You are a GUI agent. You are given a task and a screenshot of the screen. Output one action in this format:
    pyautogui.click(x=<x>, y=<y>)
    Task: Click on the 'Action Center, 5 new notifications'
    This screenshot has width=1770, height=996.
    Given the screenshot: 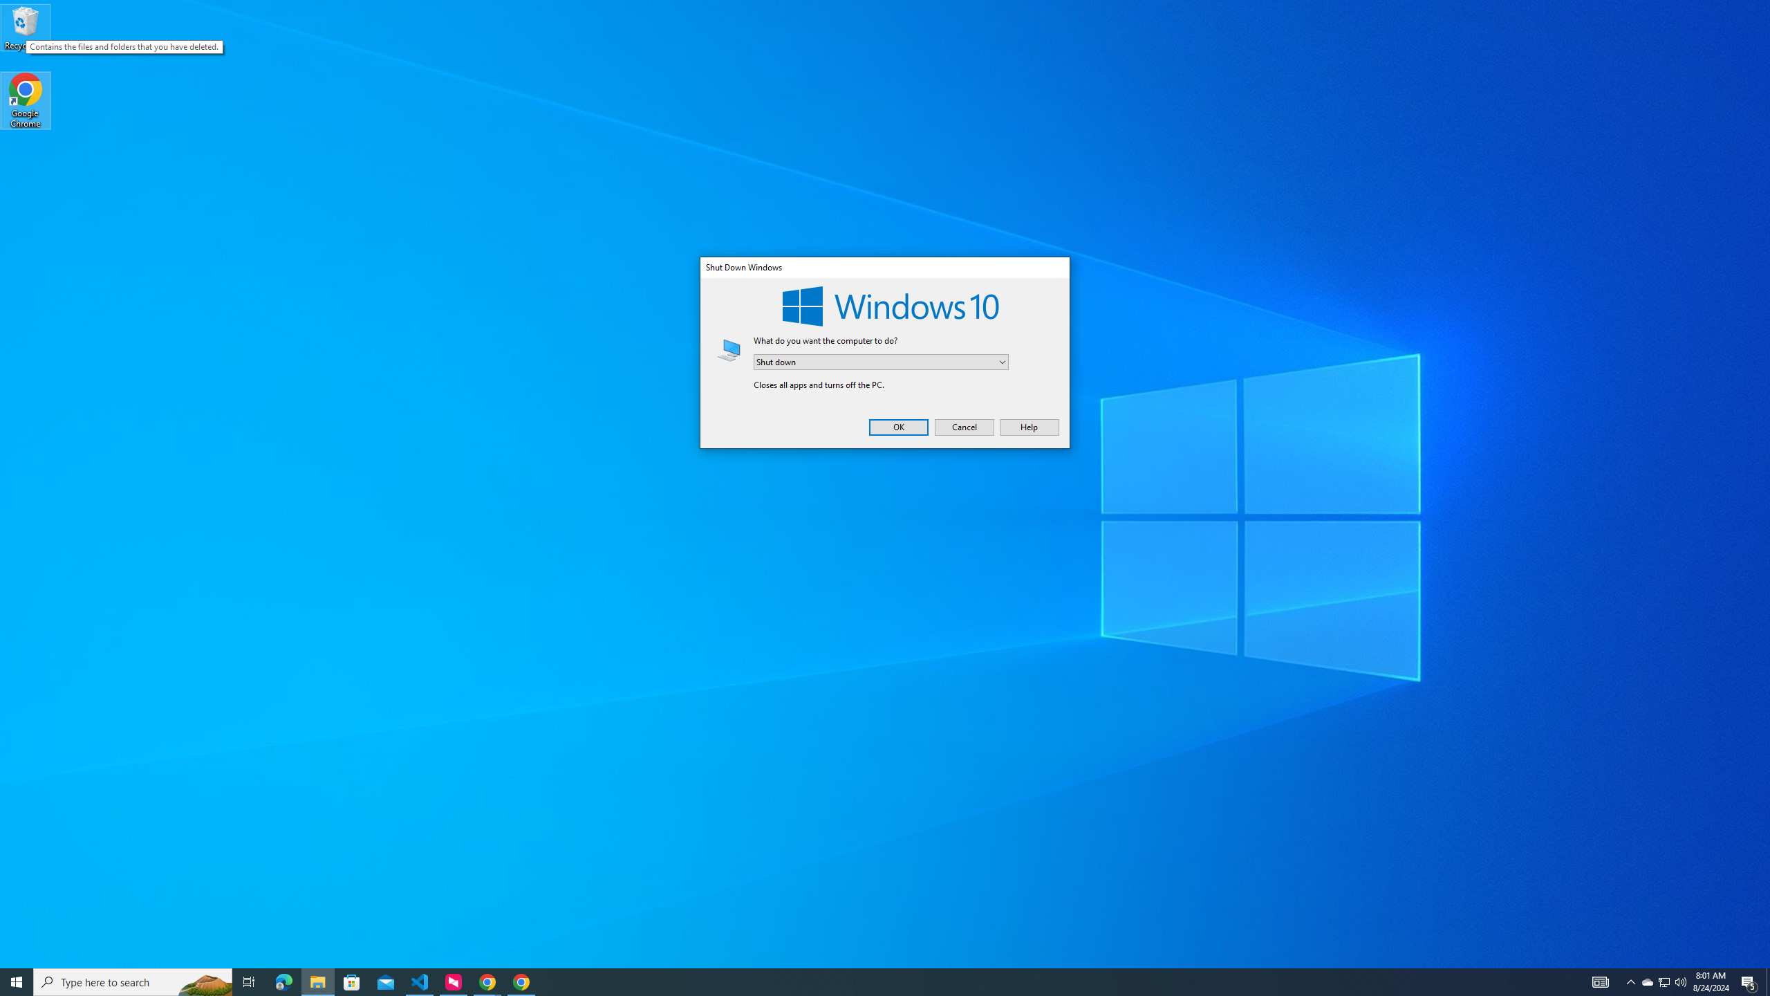 What is the action you would take?
    pyautogui.click(x=1679, y=981)
    